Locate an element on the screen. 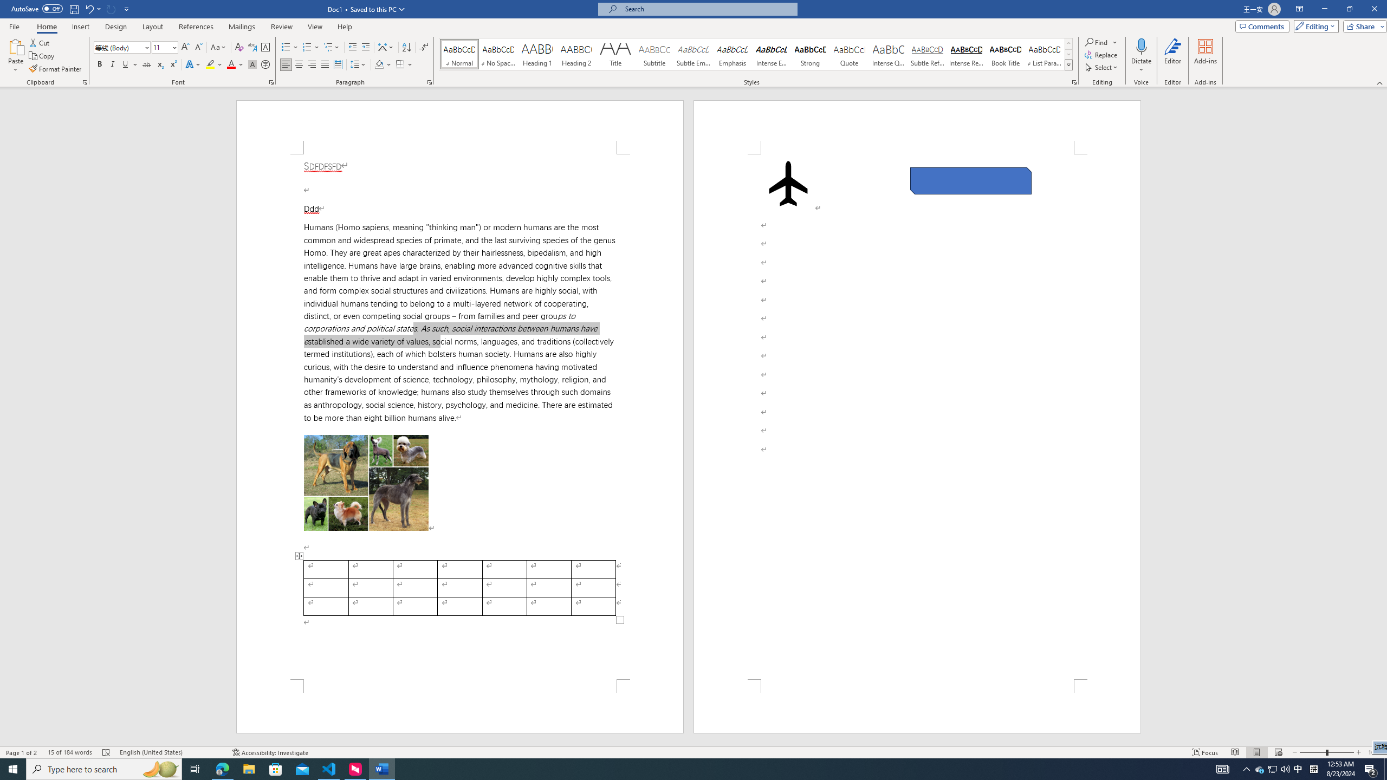 The width and height of the screenshot is (1387, 780). 'Emphasis' is located at coordinates (731, 54).